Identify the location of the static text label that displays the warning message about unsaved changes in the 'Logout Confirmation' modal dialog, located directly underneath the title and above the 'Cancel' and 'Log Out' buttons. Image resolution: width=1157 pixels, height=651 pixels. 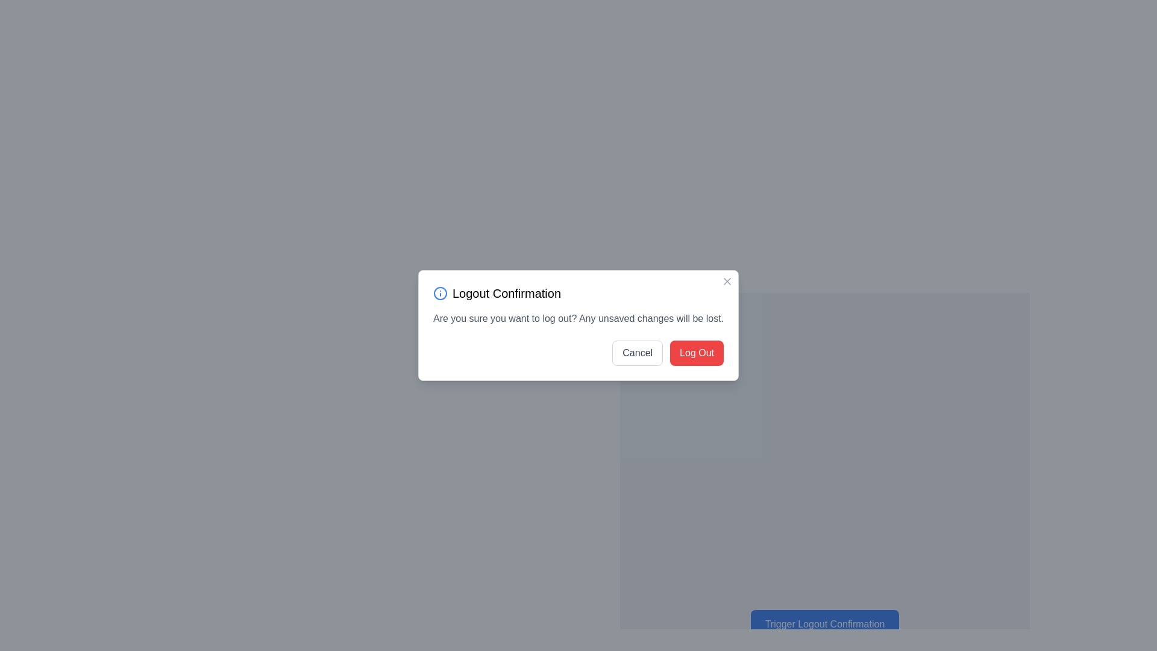
(578, 318).